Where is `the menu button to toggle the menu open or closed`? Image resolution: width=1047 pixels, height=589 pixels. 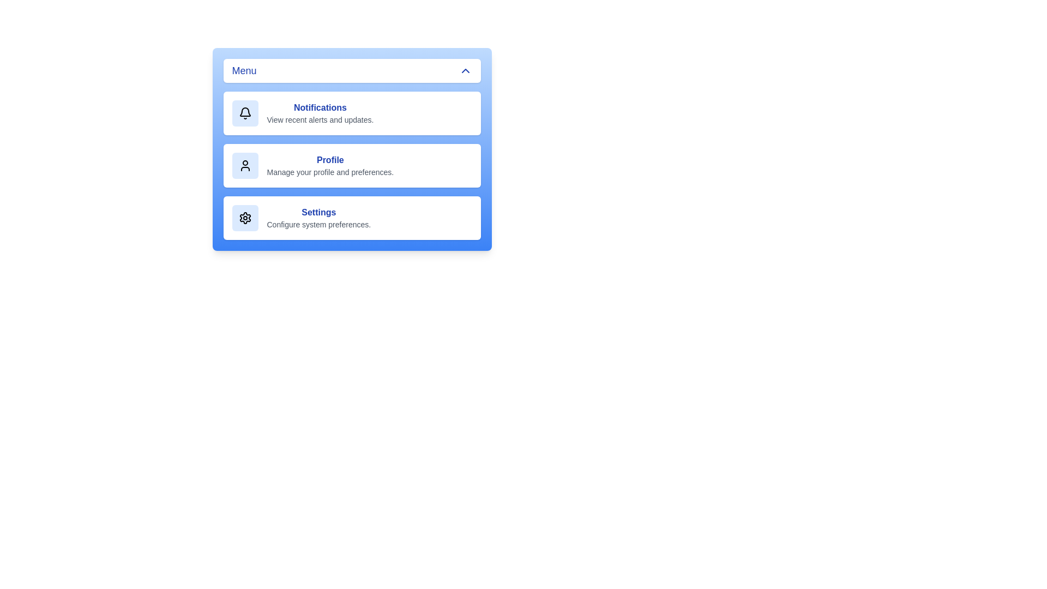 the menu button to toggle the menu open or closed is located at coordinates (352, 71).